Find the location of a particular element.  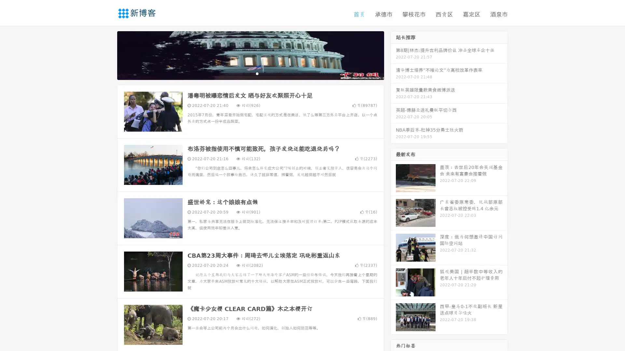

Go to slide 2 is located at coordinates (250, 73).